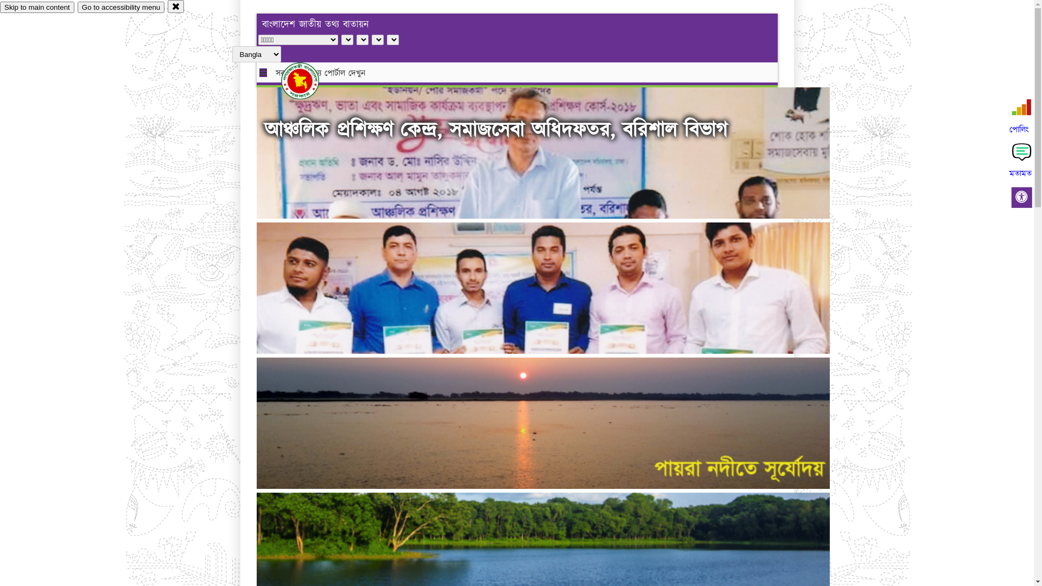 The height and width of the screenshot is (586, 1042). Describe the element at coordinates (0, 7) in the screenshot. I see `'Skip to main content'` at that location.